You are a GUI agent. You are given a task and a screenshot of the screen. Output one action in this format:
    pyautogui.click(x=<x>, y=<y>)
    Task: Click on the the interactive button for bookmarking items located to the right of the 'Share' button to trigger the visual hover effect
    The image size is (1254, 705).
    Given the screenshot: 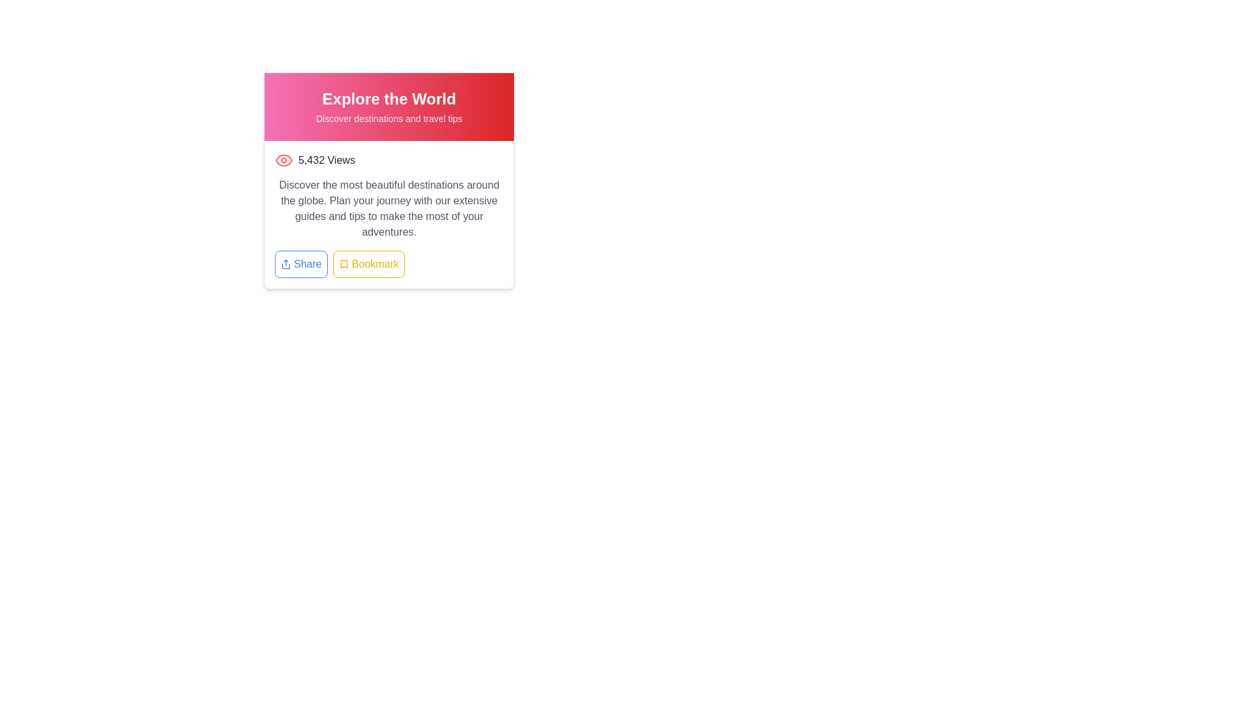 What is the action you would take?
    pyautogui.click(x=368, y=264)
    